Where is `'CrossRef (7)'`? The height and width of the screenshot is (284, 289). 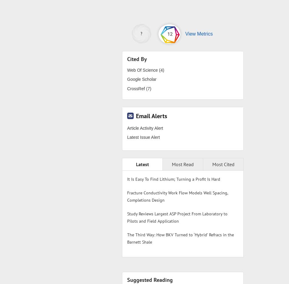
'CrossRef (7)' is located at coordinates (139, 88).